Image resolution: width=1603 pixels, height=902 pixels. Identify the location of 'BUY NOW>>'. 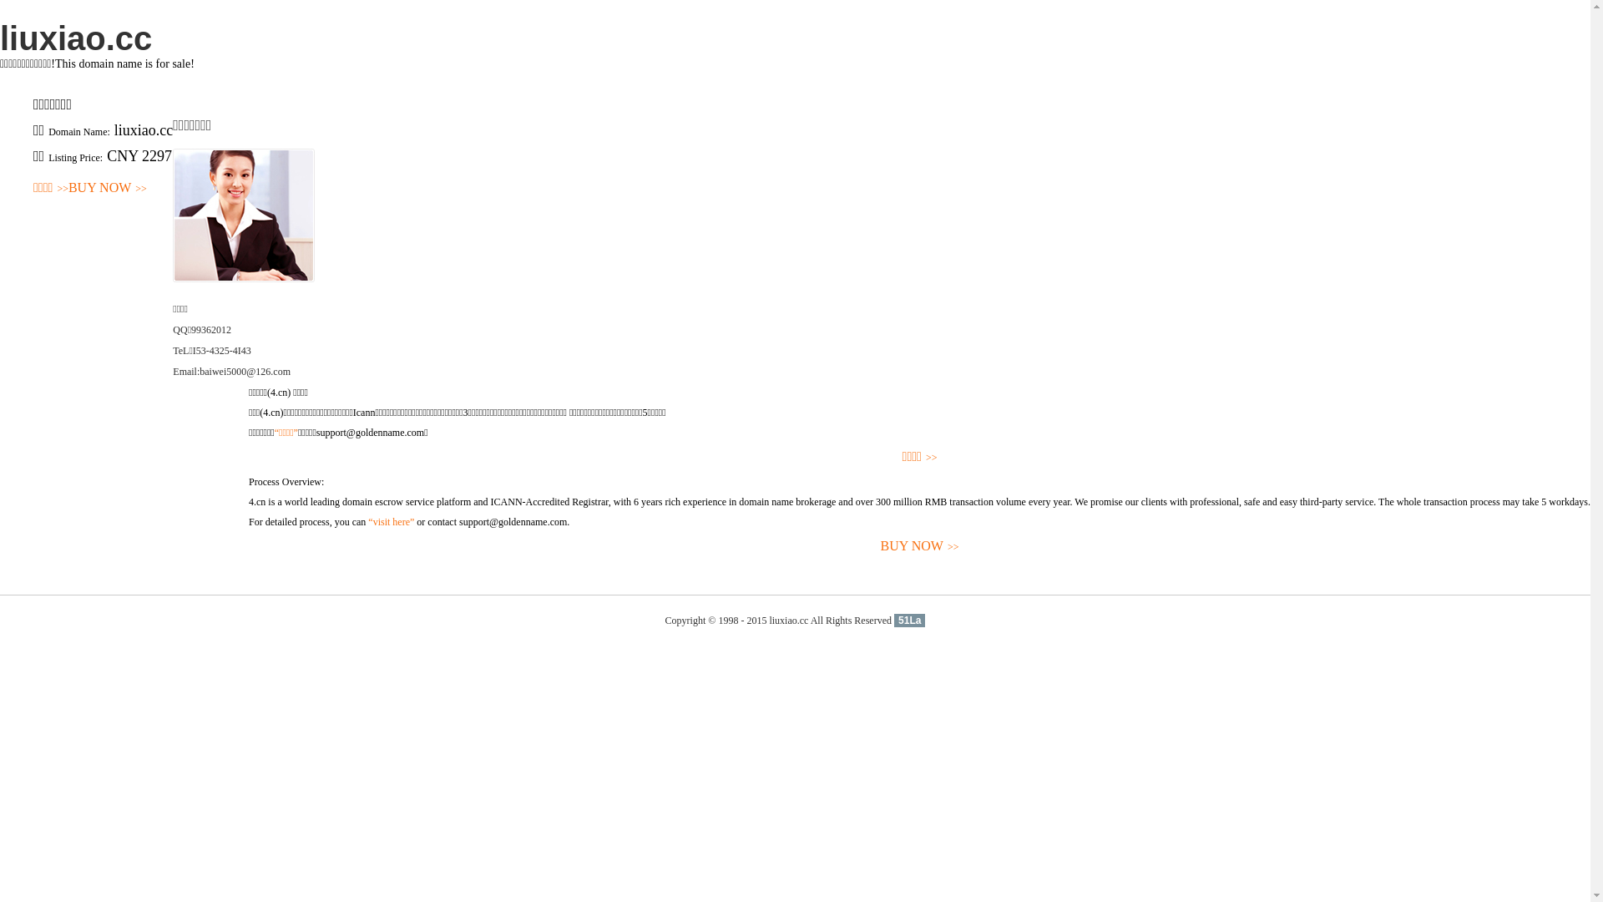
(918, 546).